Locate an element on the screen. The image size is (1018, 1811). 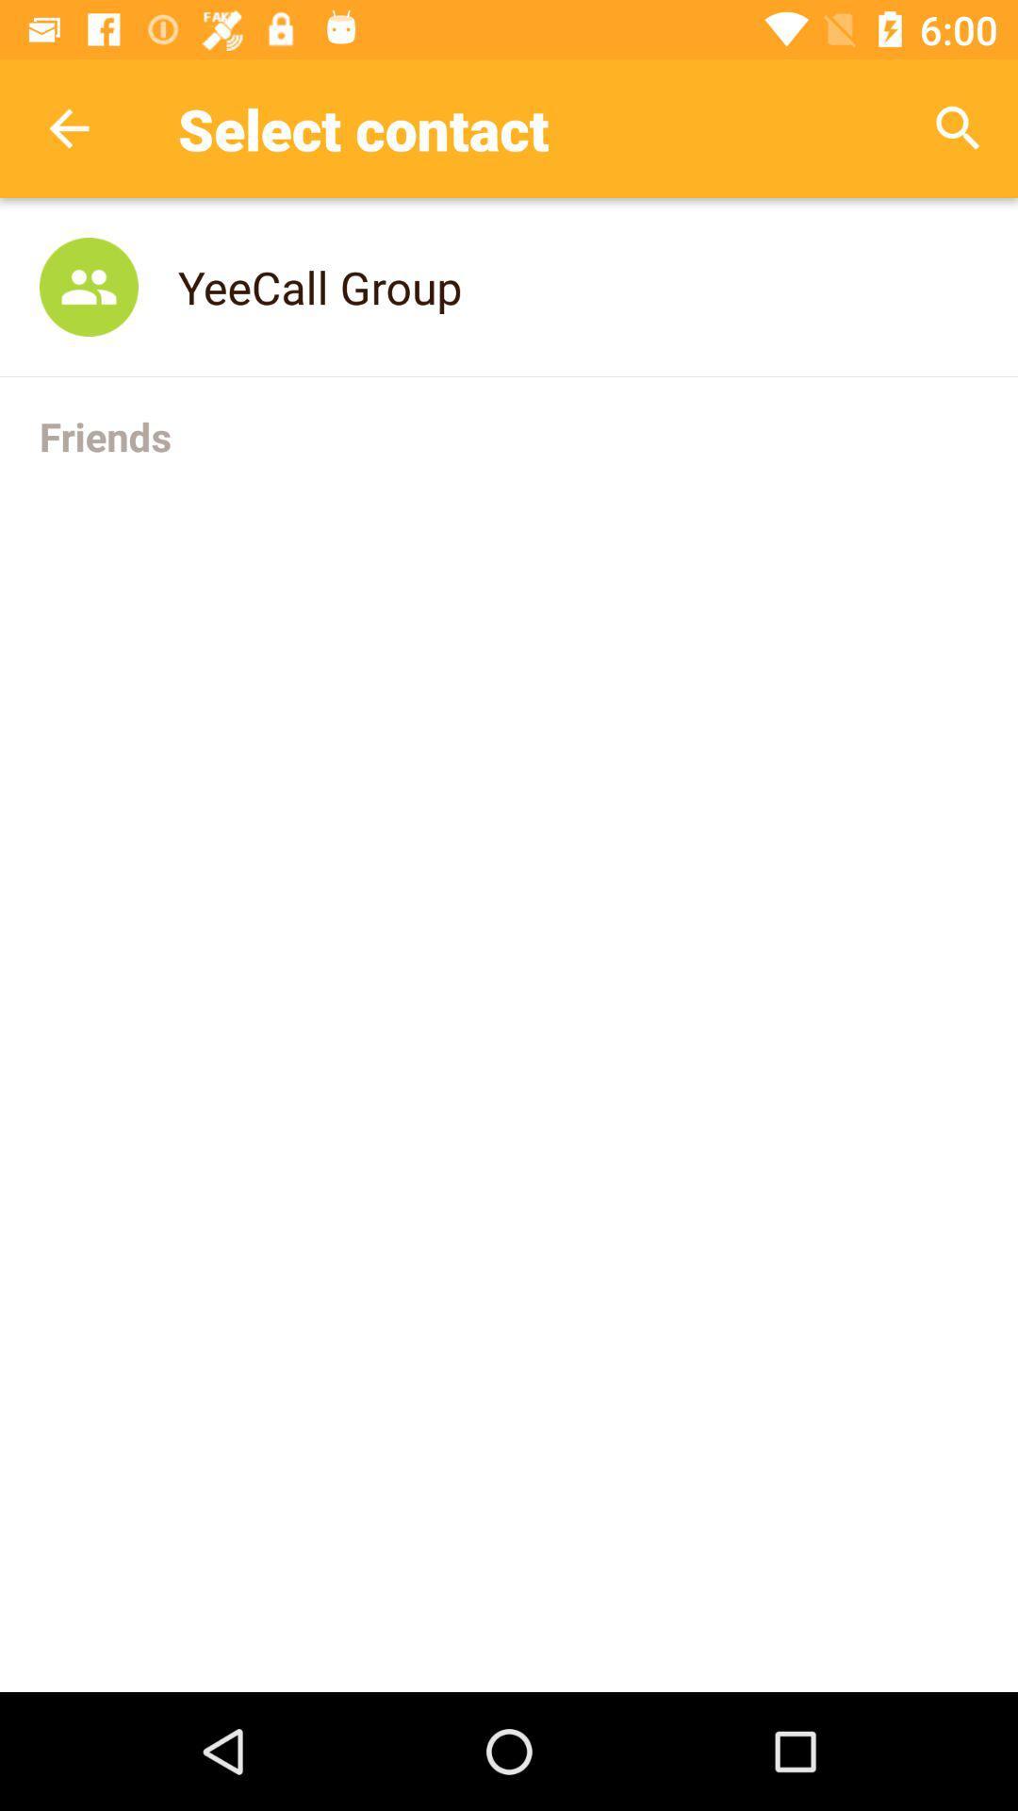
previous page is located at coordinates (68, 127).